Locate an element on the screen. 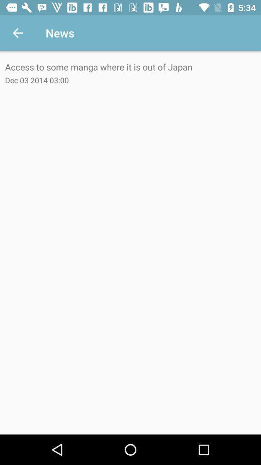  item above access to some item is located at coordinates (17, 33).